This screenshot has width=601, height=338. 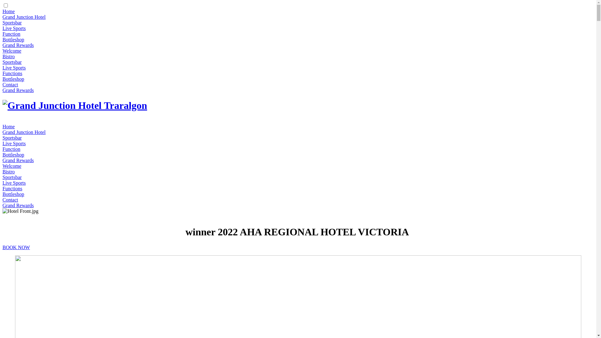 What do you see at coordinates (8, 126) in the screenshot?
I see `'Home'` at bounding box center [8, 126].